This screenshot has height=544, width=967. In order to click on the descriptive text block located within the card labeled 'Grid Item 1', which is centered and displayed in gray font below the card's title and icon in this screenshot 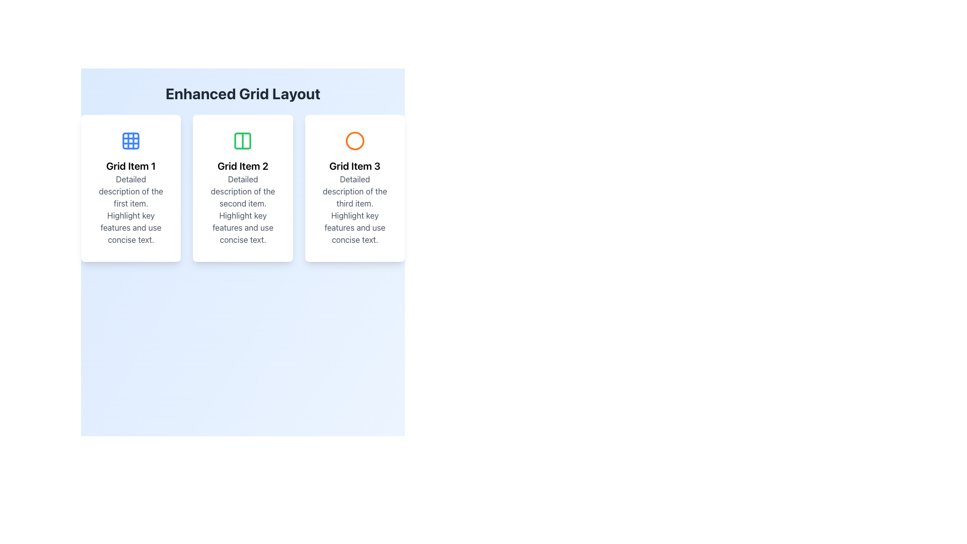, I will do `click(130, 209)`.